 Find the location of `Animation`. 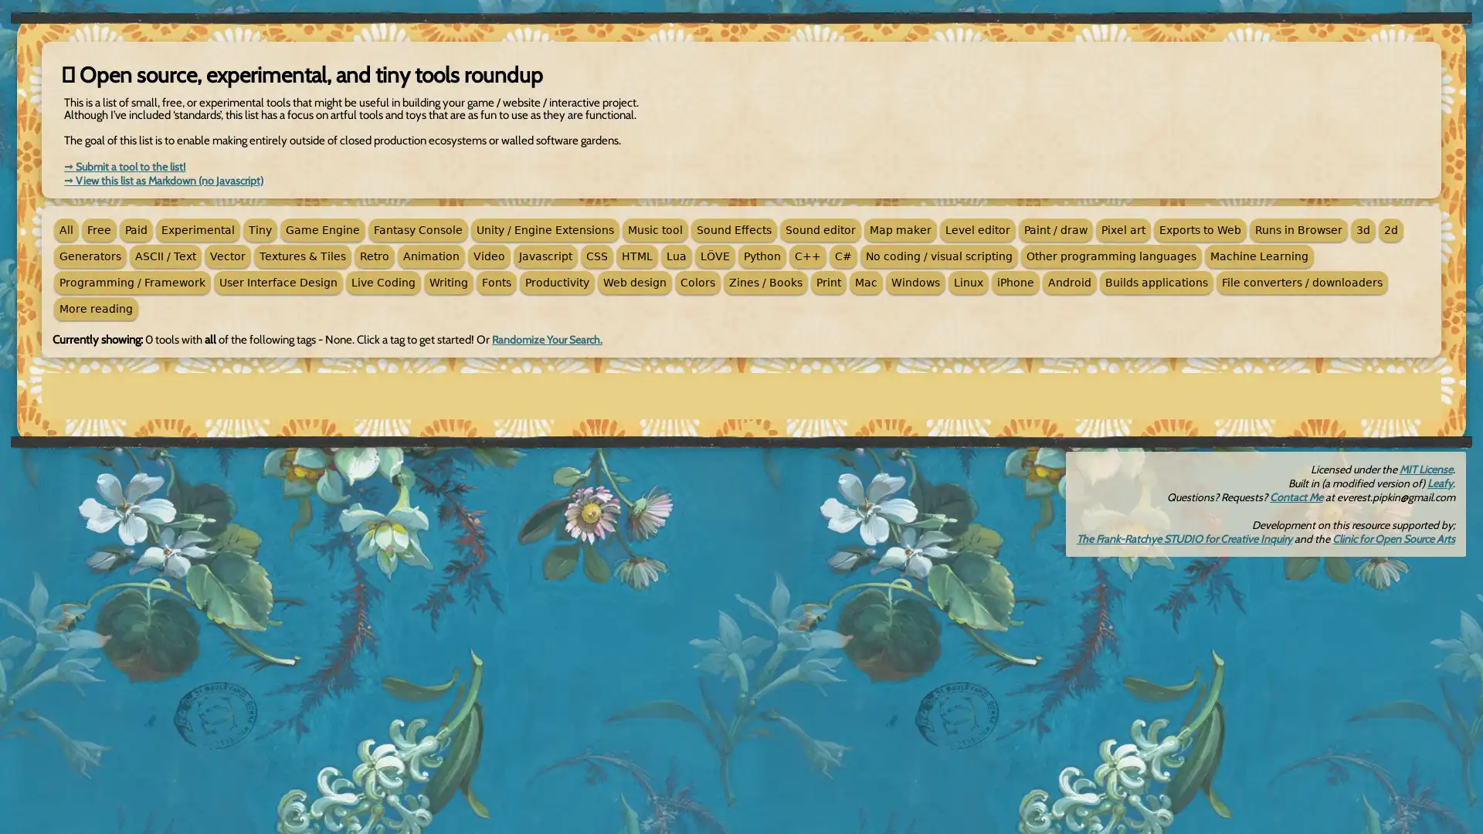

Animation is located at coordinates (431, 255).